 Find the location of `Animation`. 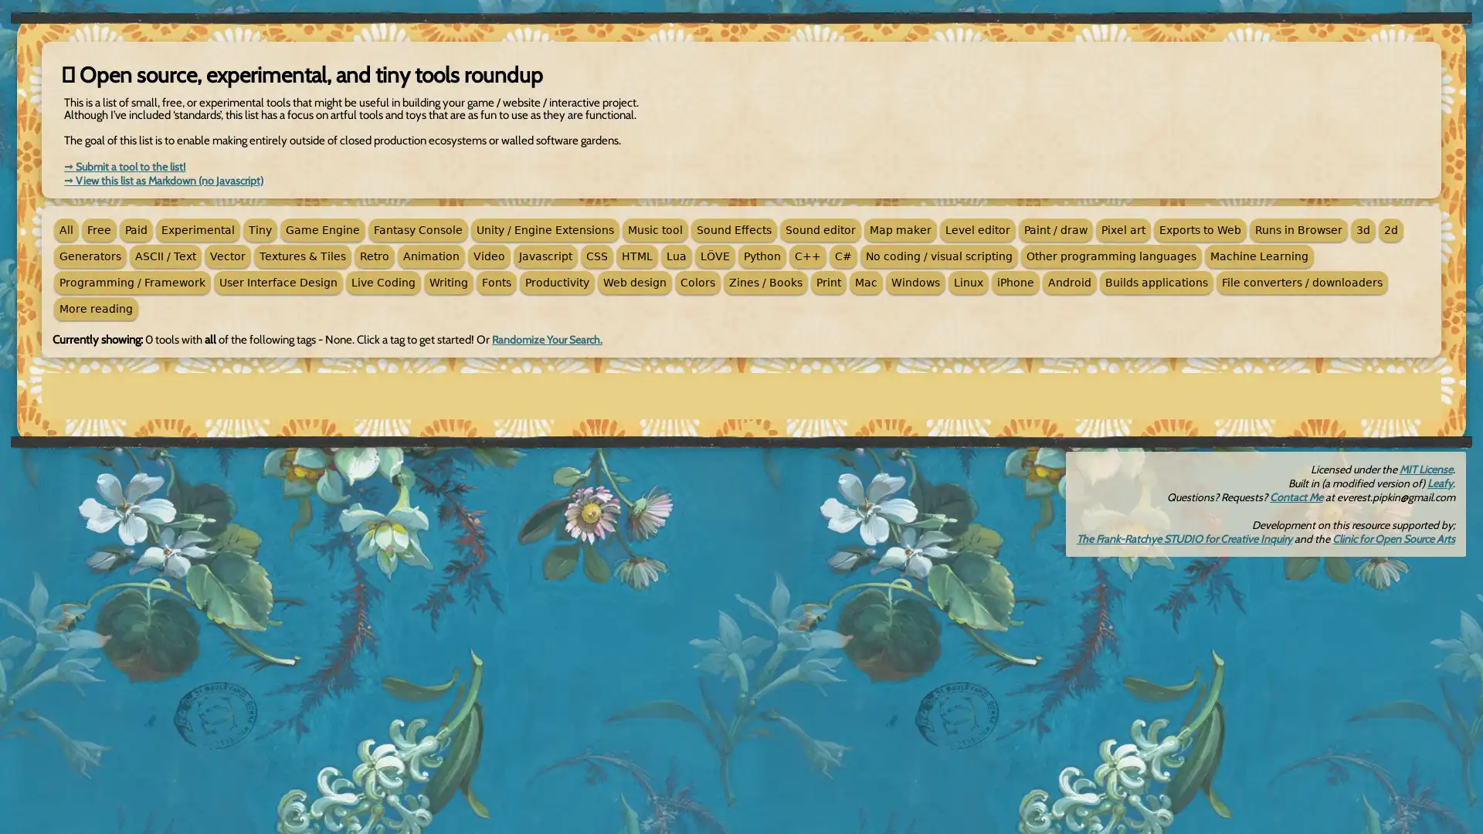

Animation is located at coordinates (431, 255).